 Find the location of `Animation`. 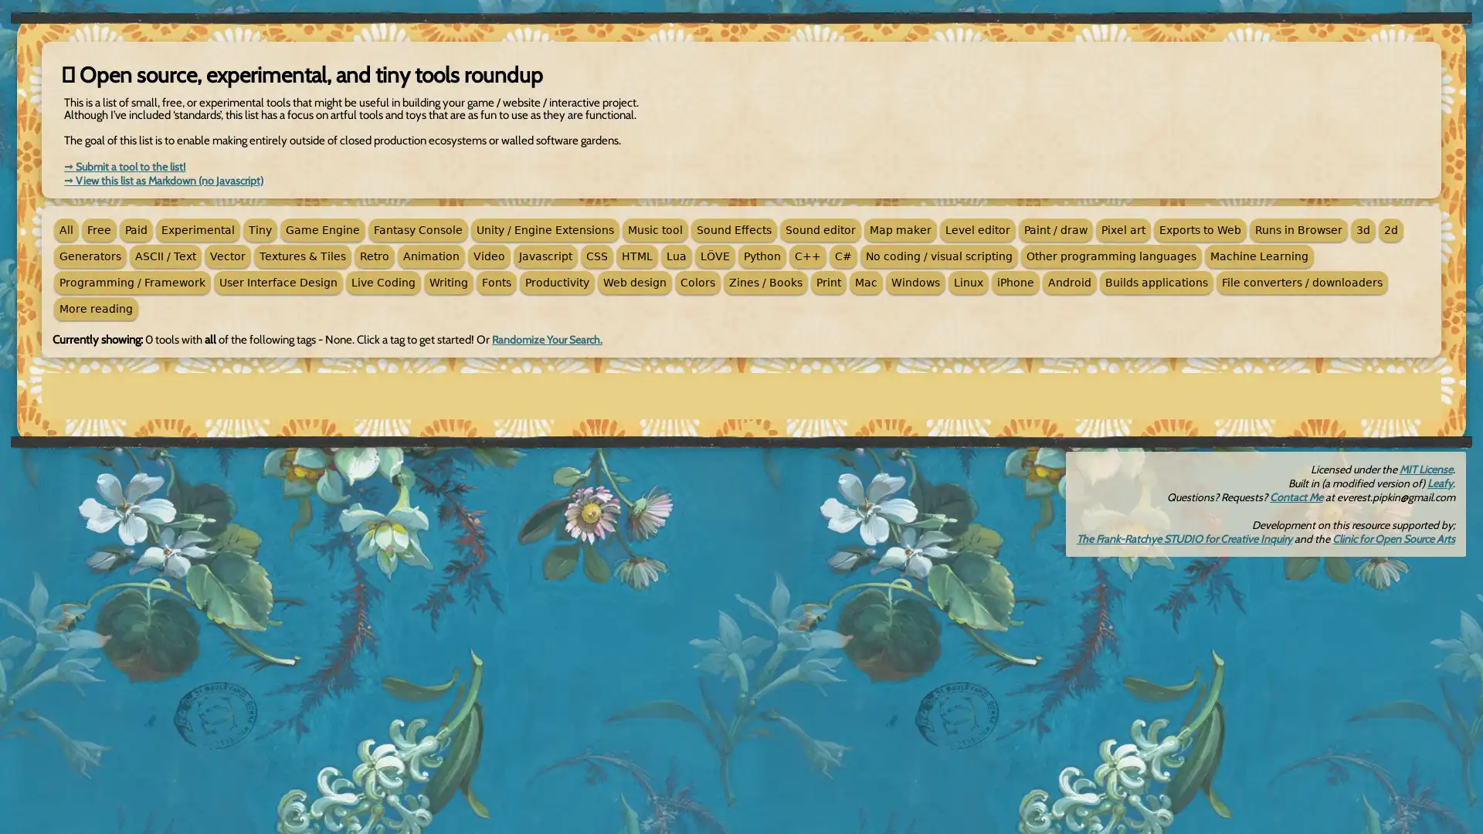

Animation is located at coordinates (431, 255).